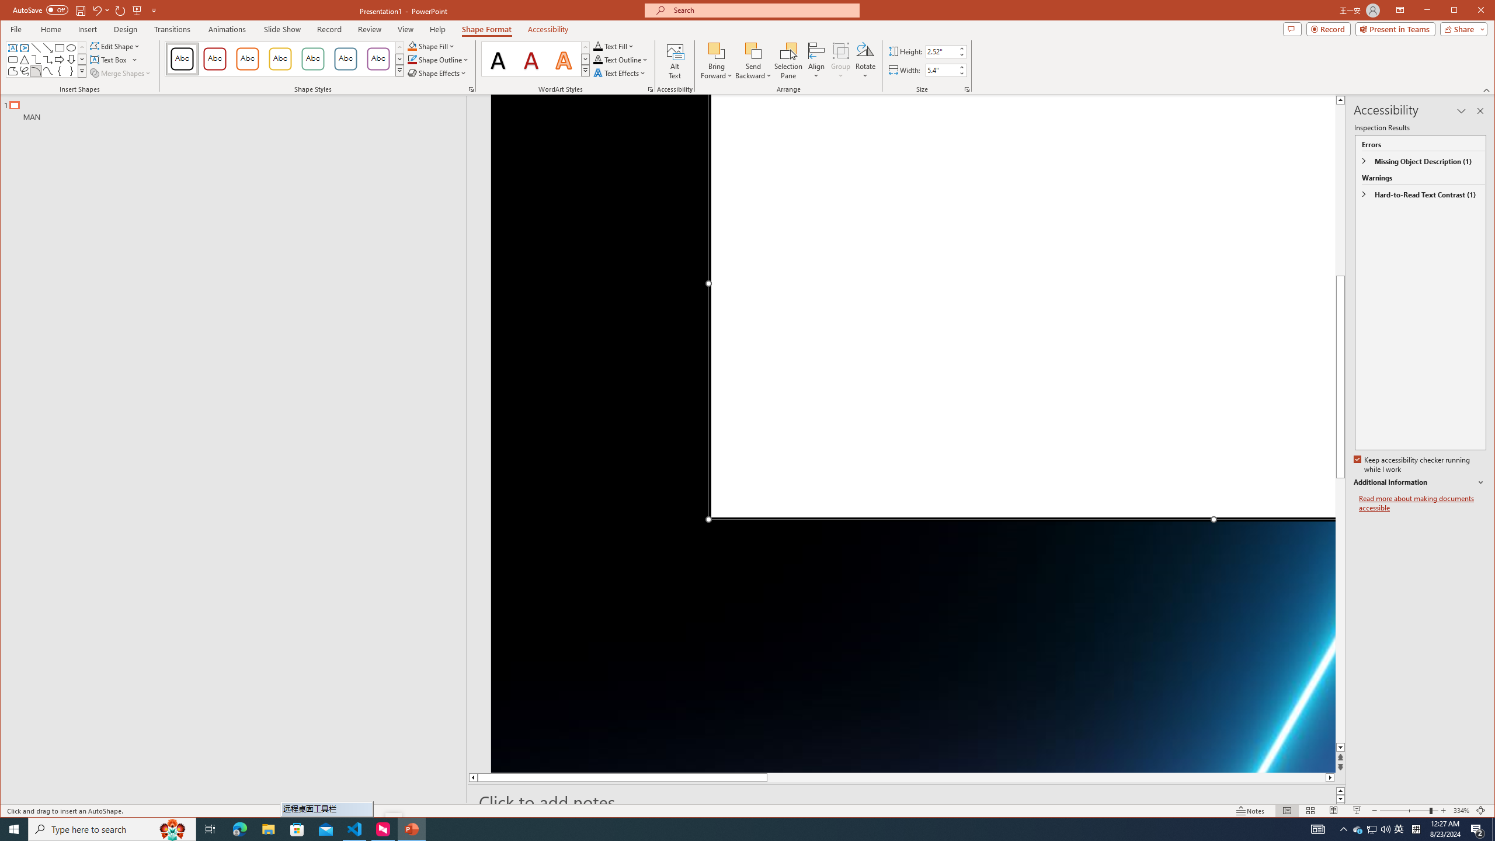 The width and height of the screenshot is (1495, 841). Describe the element at coordinates (12, 71) in the screenshot. I see `'Freeform: Shape'` at that location.